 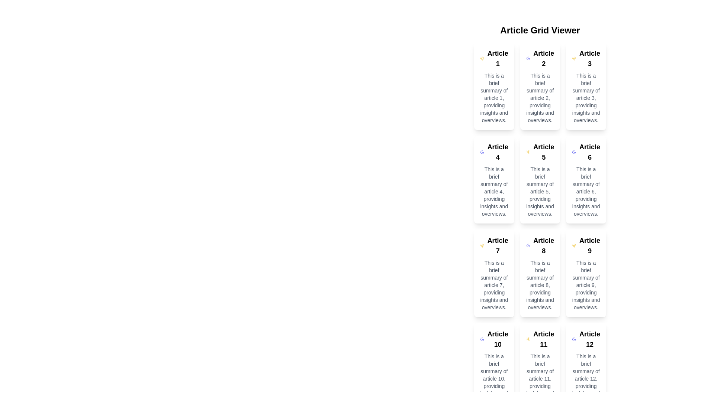 I want to click on the text label that provides a summary of 'Article 5', located in the lower portion of the card, directly below the article title and centrally aligned, so click(x=540, y=191).